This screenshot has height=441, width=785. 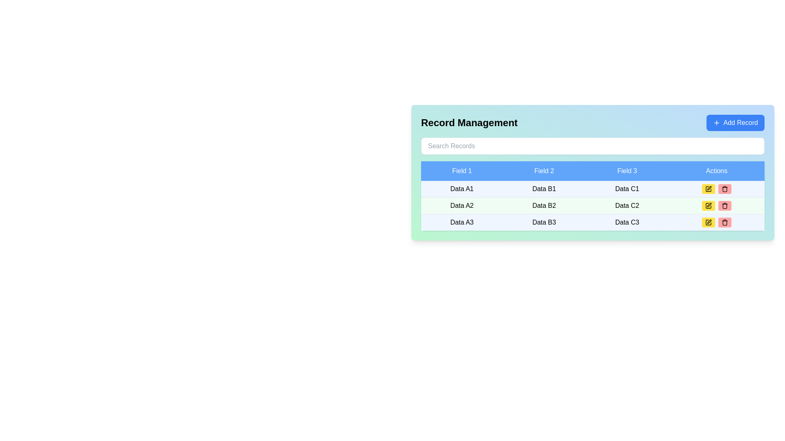 I want to click on the text label displaying 'Data B2' which is centrally positioned in the second column of the striped table layout, so click(x=544, y=205).